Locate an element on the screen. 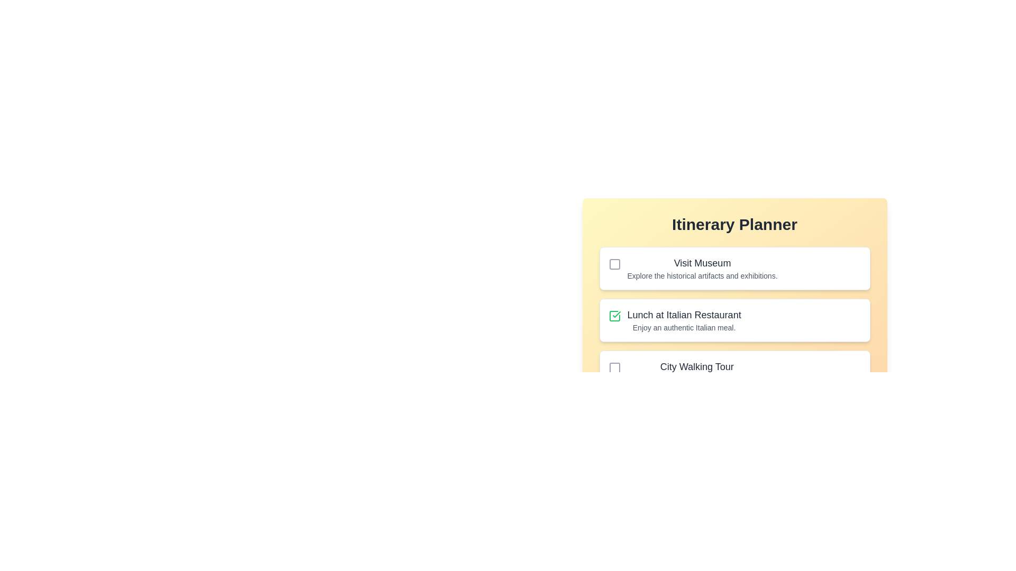 This screenshot has height=571, width=1016. the descriptive text element located below the title 'Lunch at Italian Restaurant' in the itinerary planner interface is located at coordinates (684, 327).